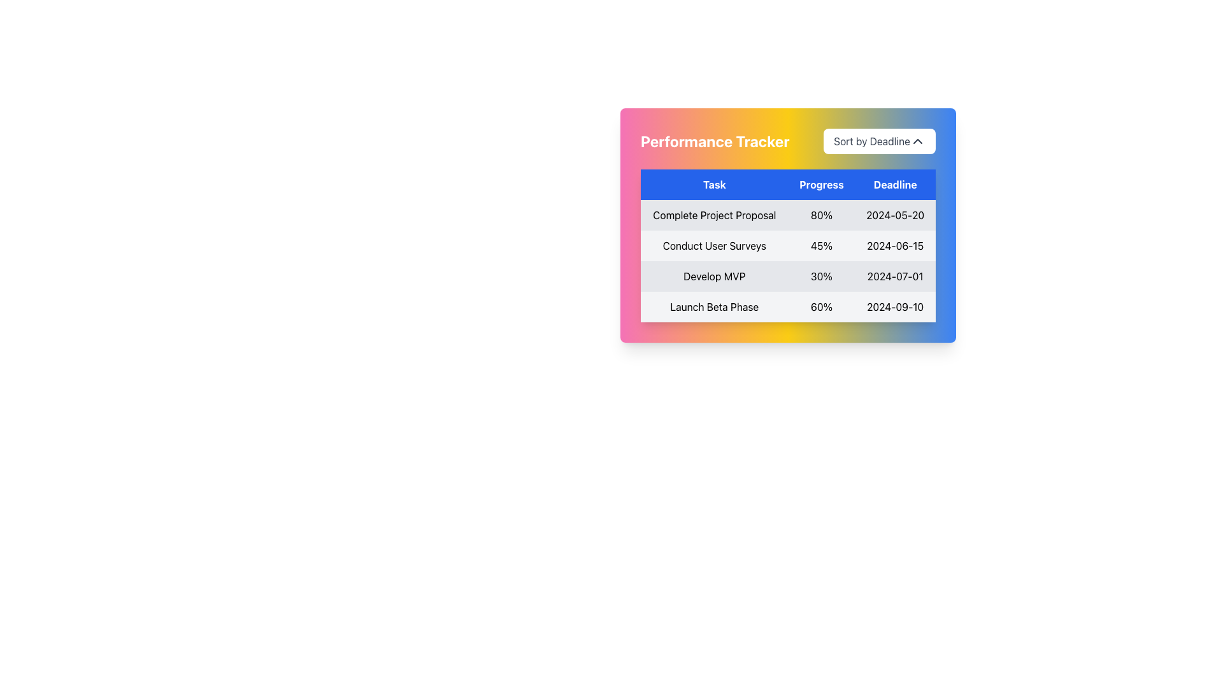 The width and height of the screenshot is (1223, 688). What do you see at coordinates (714, 215) in the screenshot?
I see `the text label displaying 'Complete Project Proposal' located in the first cell of the table under 'Task'` at bounding box center [714, 215].